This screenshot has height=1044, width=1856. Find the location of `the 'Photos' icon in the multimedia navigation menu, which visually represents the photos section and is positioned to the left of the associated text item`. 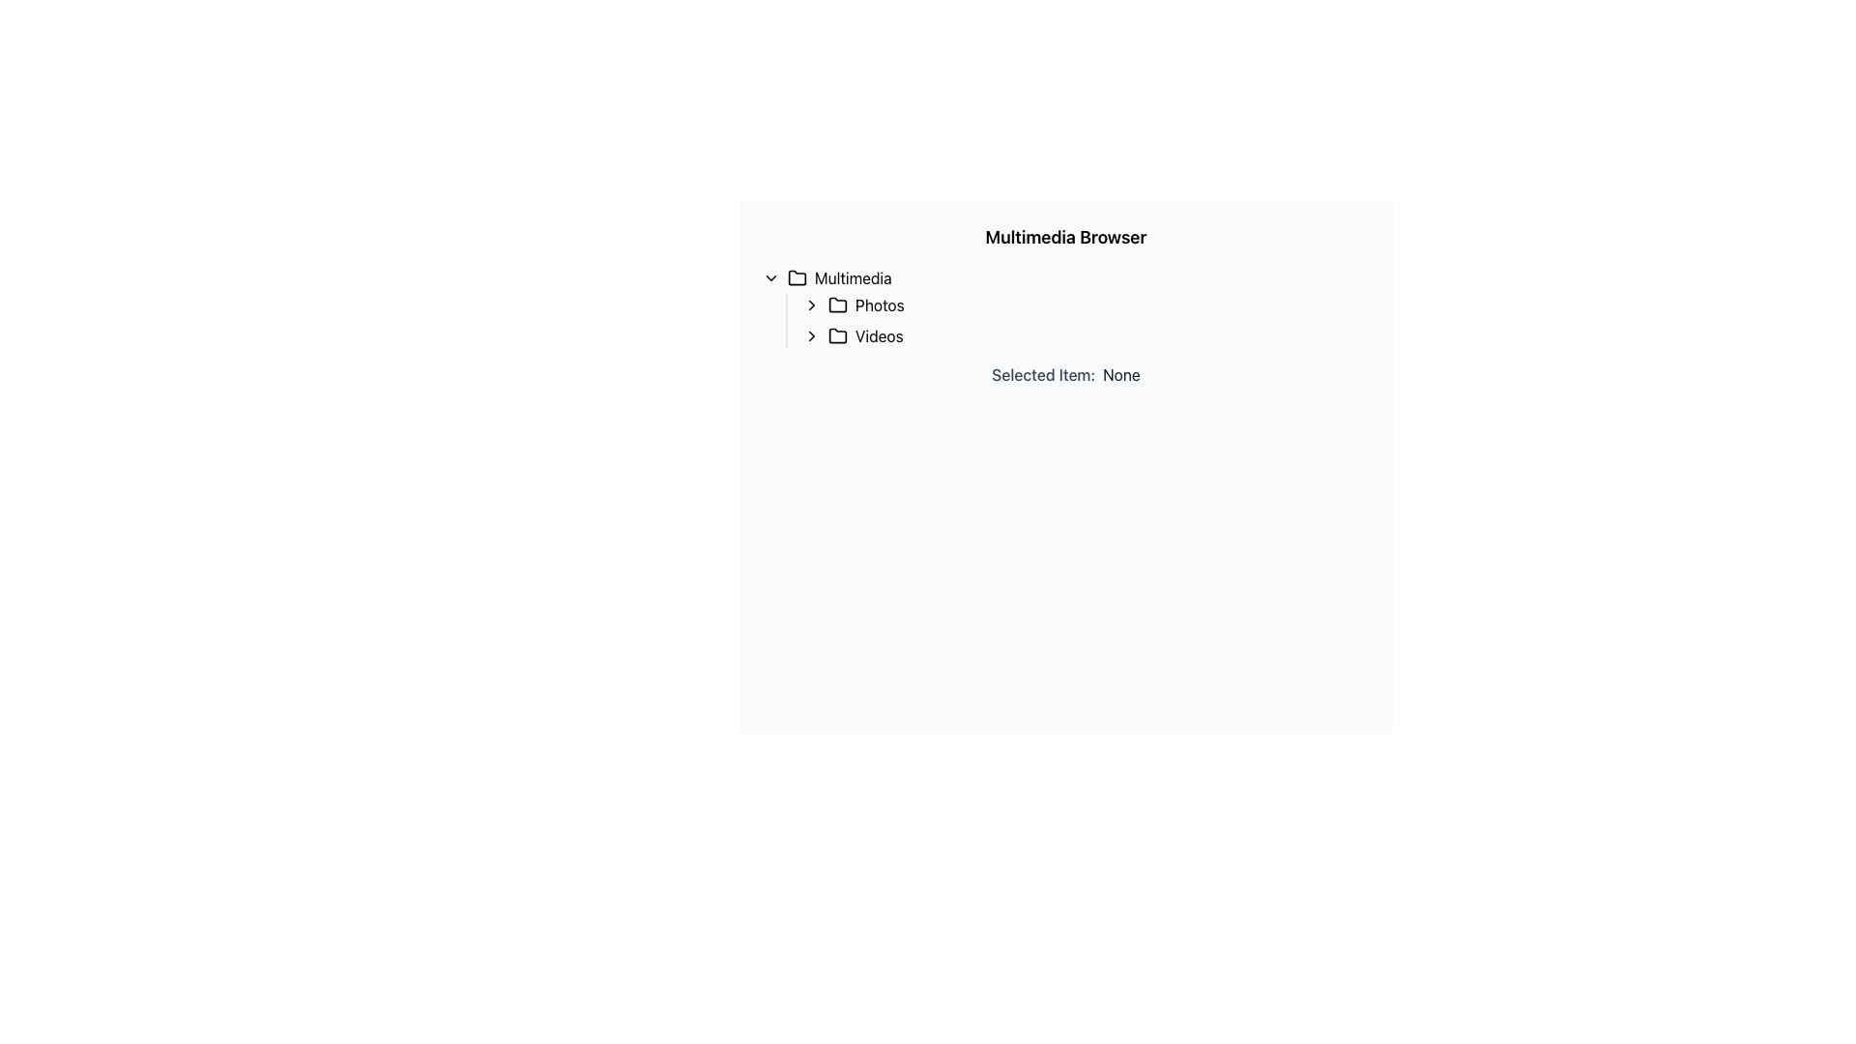

the 'Photos' icon in the multimedia navigation menu, which visually represents the photos section and is positioned to the left of the associated text item is located at coordinates (838, 304).